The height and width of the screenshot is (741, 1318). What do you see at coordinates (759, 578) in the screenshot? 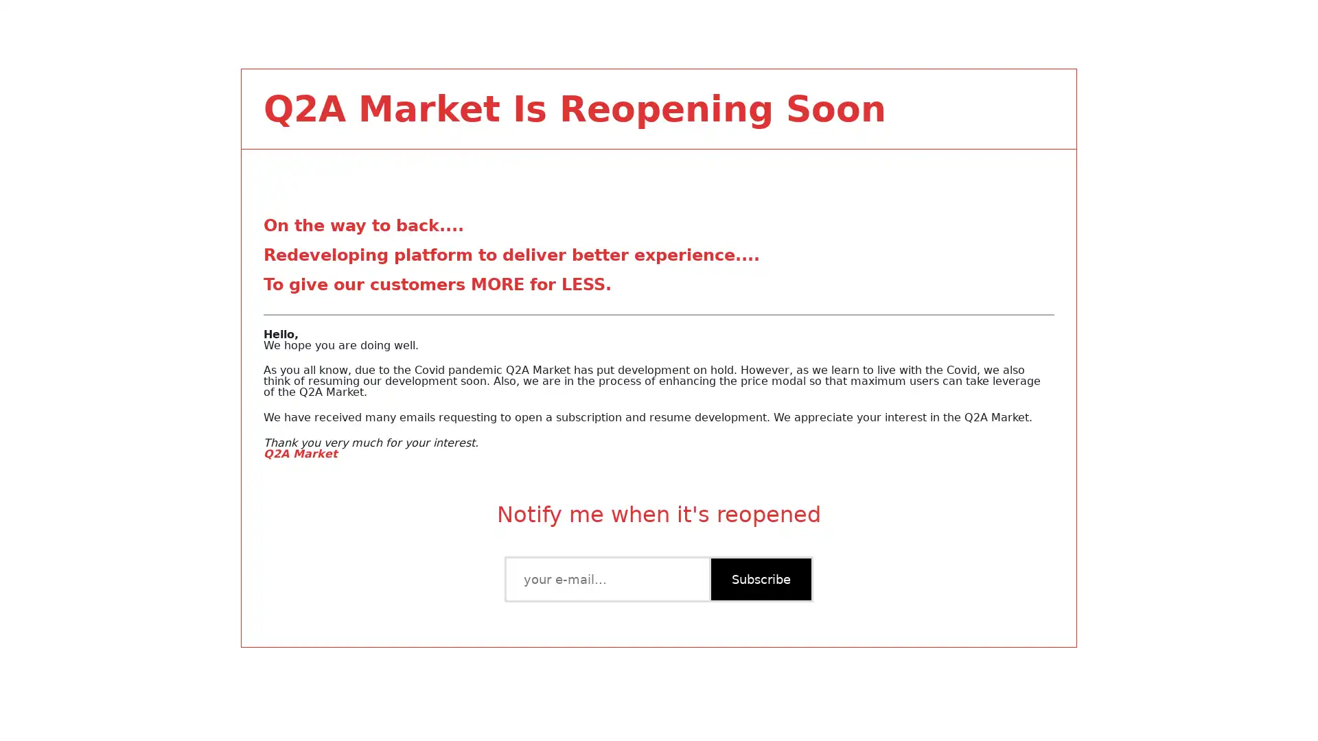
I see `Subscribe` at bounding box center [759, 578].